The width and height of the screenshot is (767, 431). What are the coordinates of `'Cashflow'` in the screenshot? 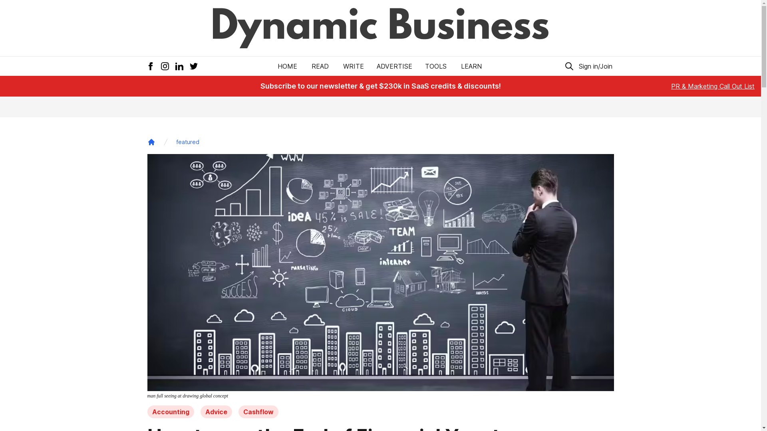 It's located at (258, 412).